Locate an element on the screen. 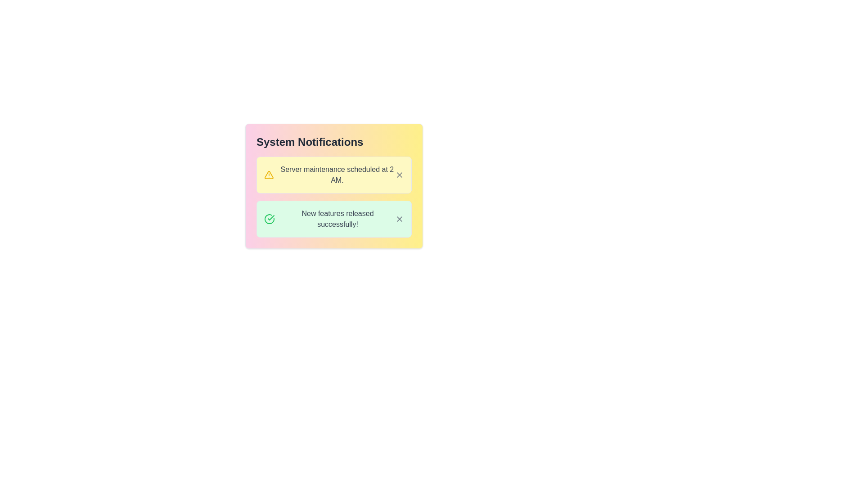 The height and width of the screenshot is (486, 864). the icon that visually represents a successful operation, located to the left of the text 'New features released successfully!' is located at coordinates (269, 219).